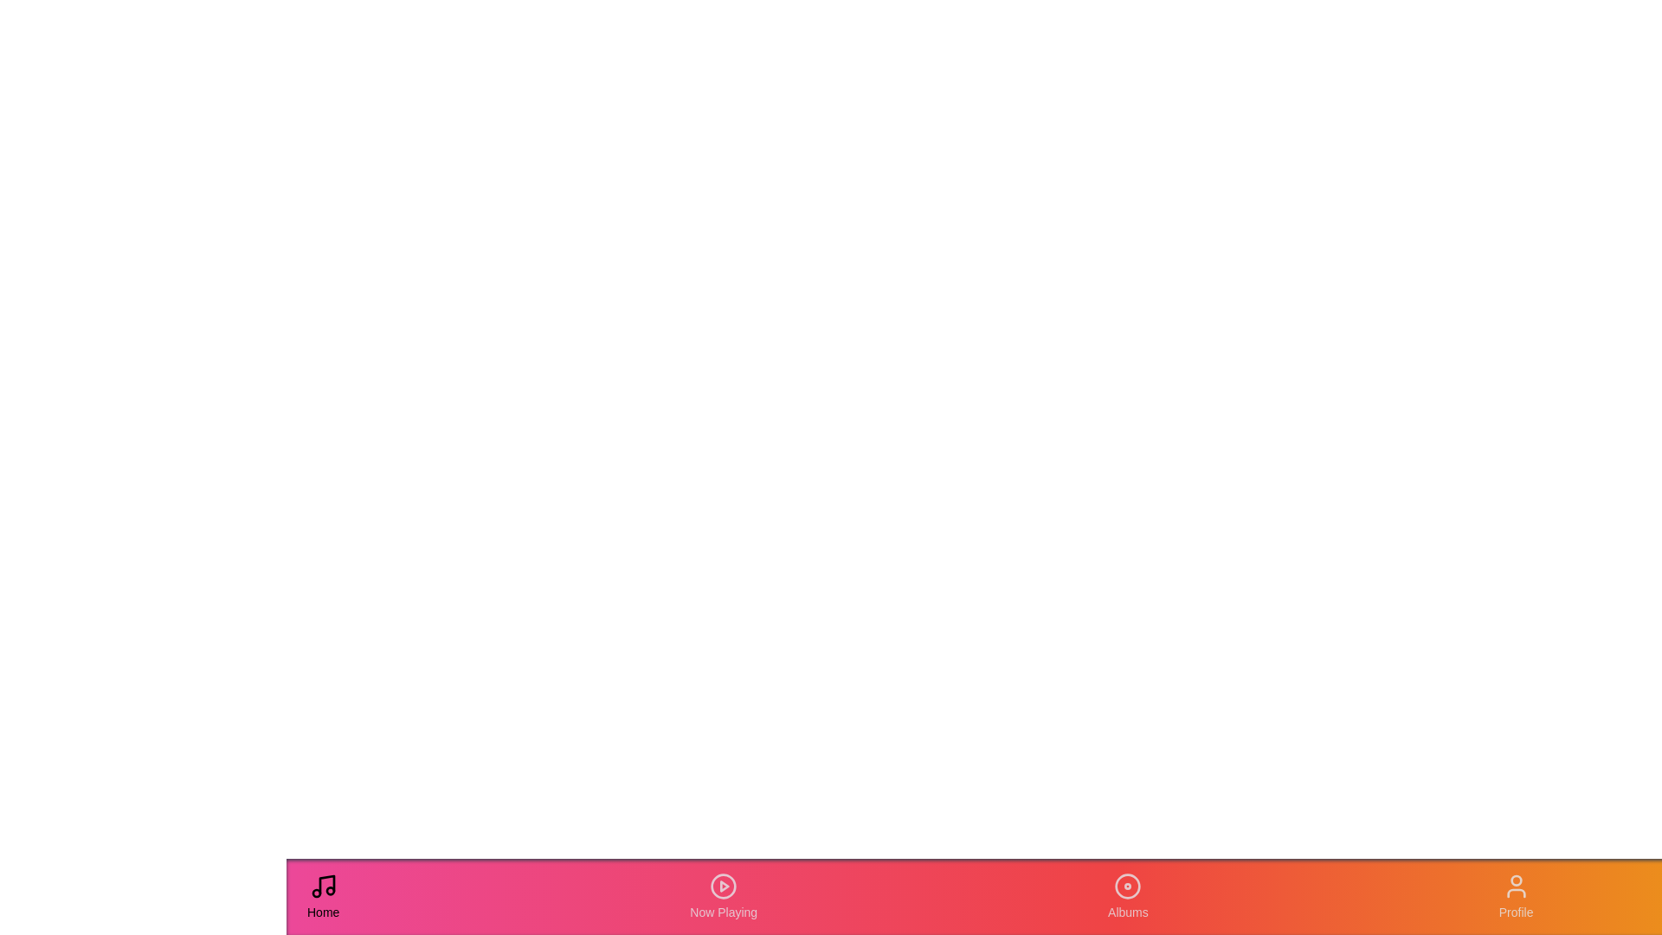 The width and height of the screenshot is (1662, 935). What do you see at coordinates (723, 896) in the screenshot?
I see `the icon corresponding to Now Playing` at bounding box center [723, 896].